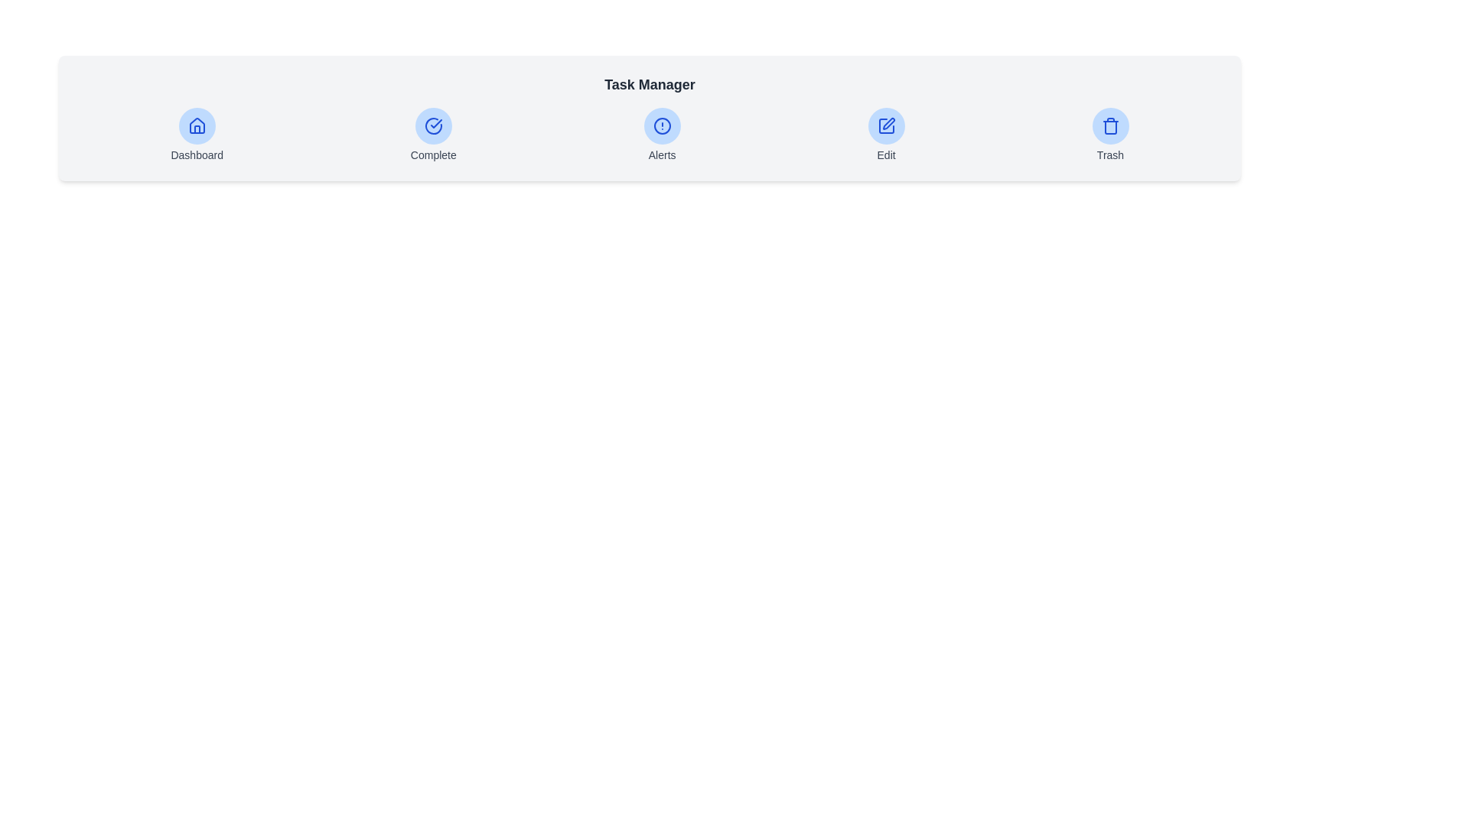  What do you see at coordinates (888, 123) in the screenshot?
I see `the pen-like icon segment within the circular 'Edit' button located in the top center of the interface` at bounding box center [888, 123].